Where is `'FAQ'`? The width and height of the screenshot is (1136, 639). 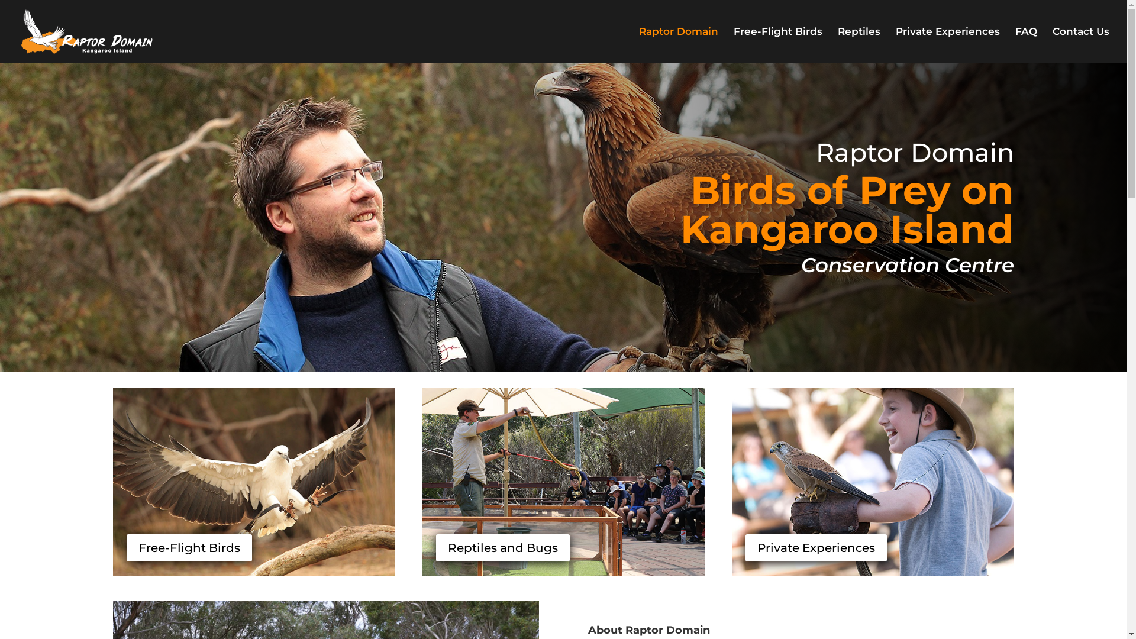 'FAQ' is located at coordinates (1025, 44).